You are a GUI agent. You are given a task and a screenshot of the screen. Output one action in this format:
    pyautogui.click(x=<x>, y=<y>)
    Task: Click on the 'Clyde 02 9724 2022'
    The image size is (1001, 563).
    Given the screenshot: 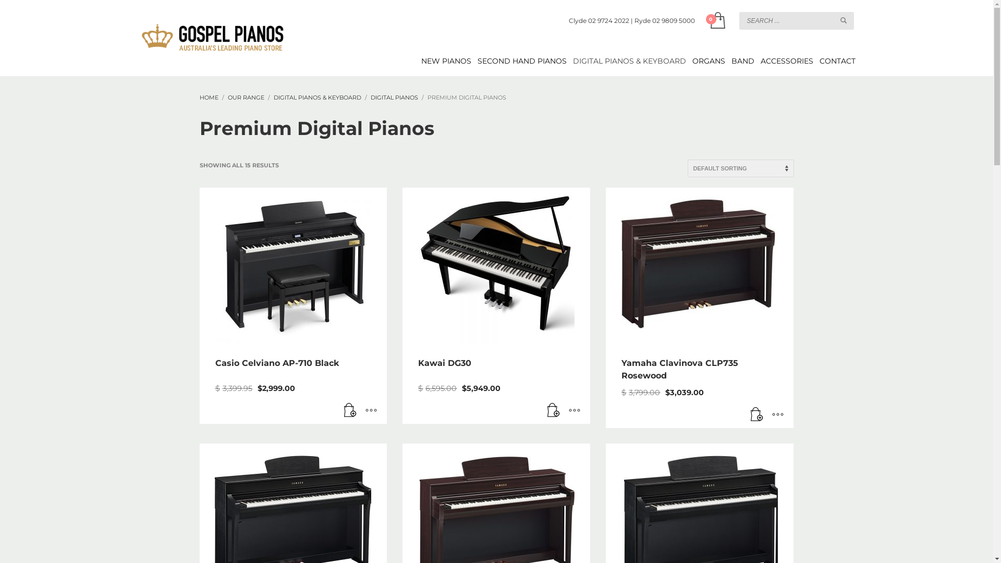 What is the action you would take?
    pyautogui.click(x=598, y=20)
    